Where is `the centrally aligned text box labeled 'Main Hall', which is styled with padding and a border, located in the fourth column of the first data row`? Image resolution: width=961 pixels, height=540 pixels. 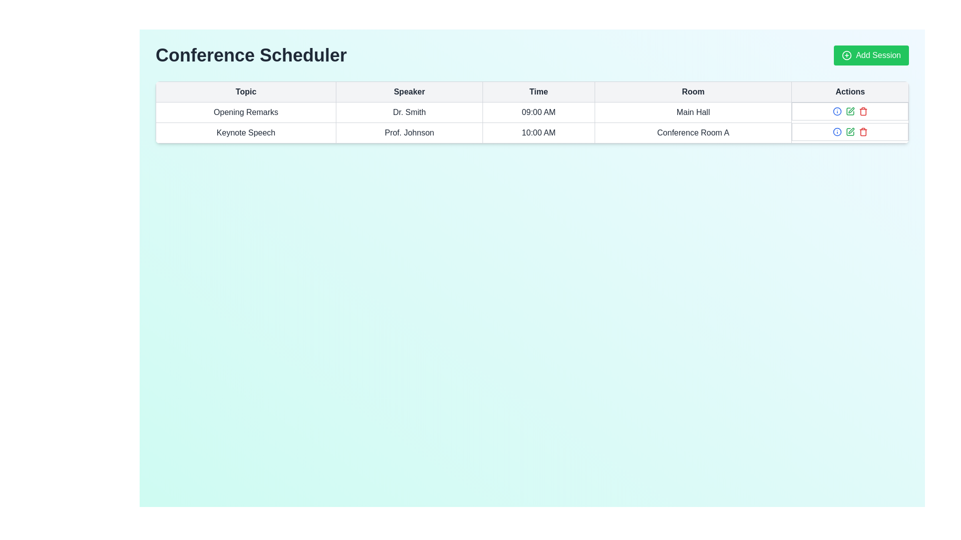
the centrally aligned text box labeled 'Main Hall', which is styled with padding and a border, located in the fourth column of the first data row is located at coordinates (693, 112).